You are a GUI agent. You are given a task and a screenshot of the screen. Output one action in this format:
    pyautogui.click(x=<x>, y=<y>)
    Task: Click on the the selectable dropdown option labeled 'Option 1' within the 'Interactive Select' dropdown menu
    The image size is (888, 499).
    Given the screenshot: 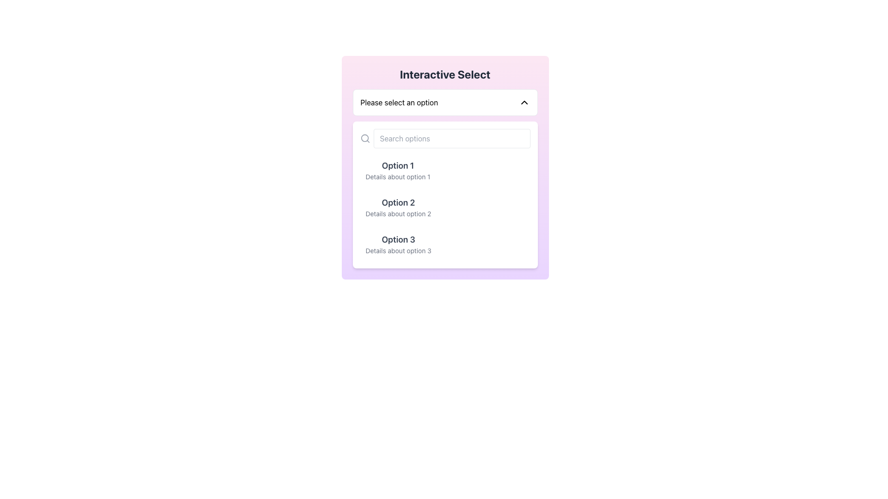 What is the action you would take?
    pyautogui.click(x=398, y=170)
    